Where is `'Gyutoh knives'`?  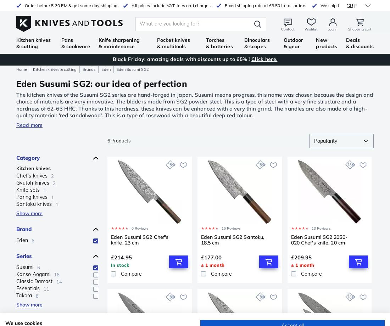 'Gyutoh knives' is located at coordinates (33, 183).